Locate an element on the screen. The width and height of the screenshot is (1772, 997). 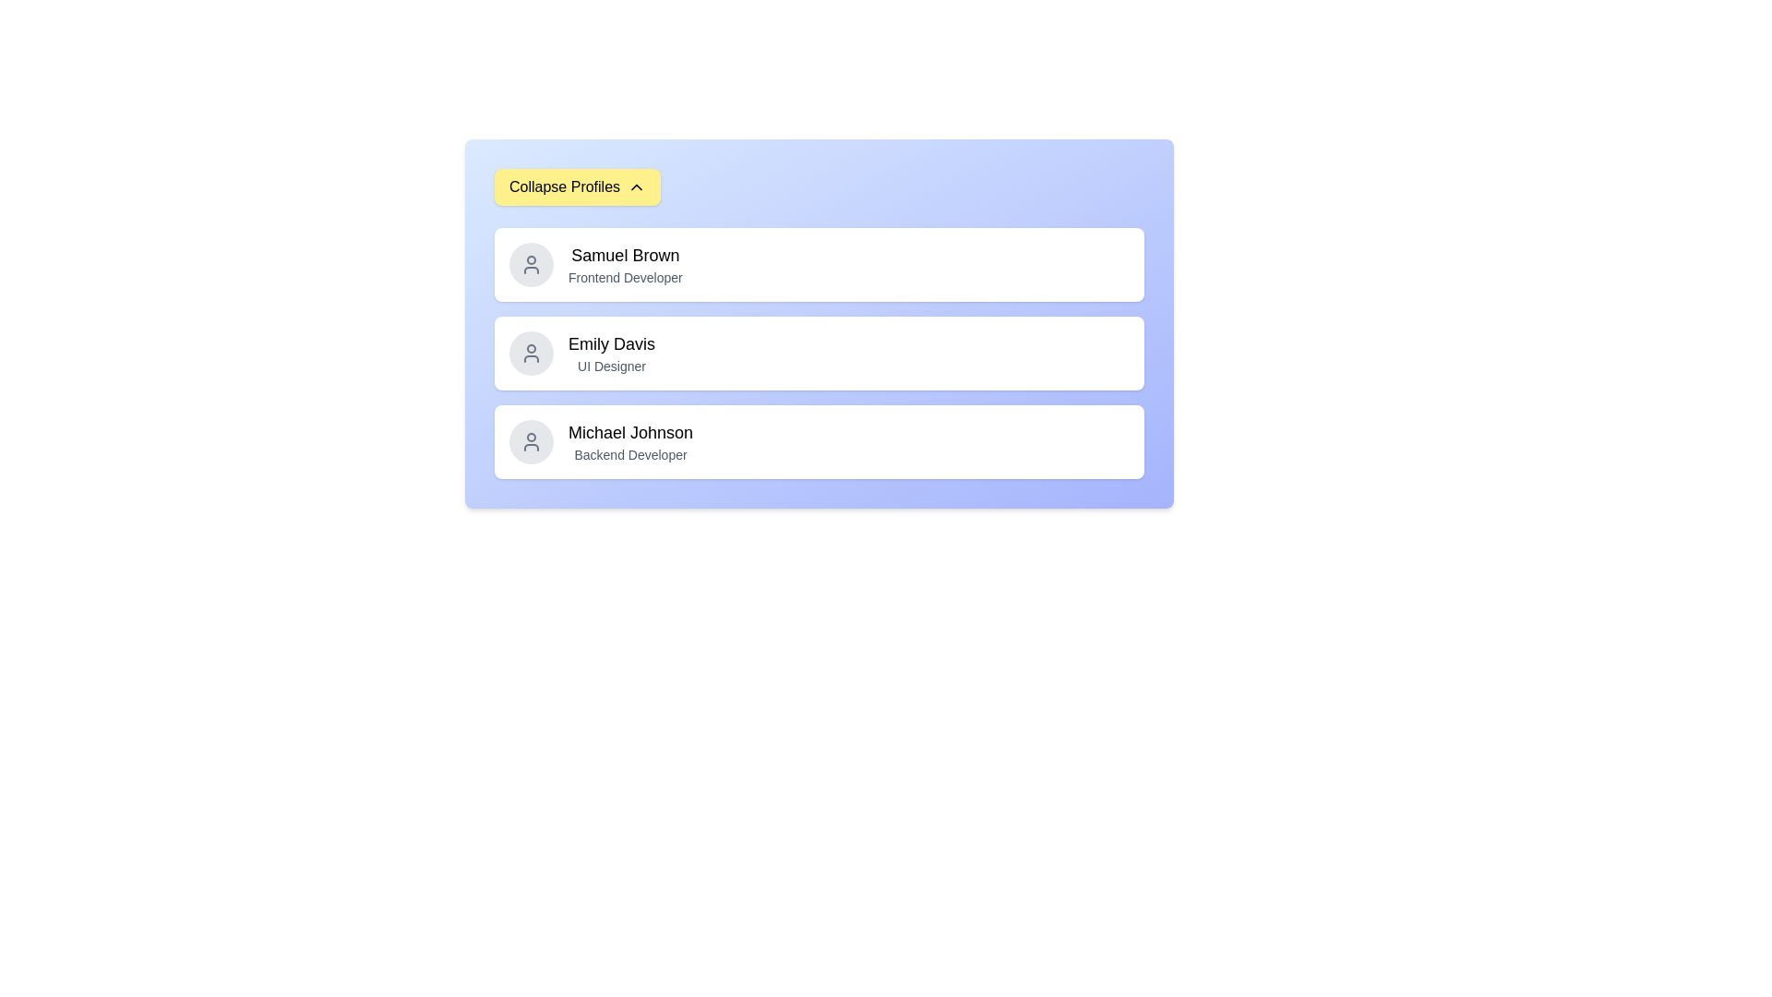
the SVG Icon representing a user profile located in the center-left of the second row of user profiles, between 'Samuel Brown' and 'Emily Davis' is located at coordinates (531, 353).